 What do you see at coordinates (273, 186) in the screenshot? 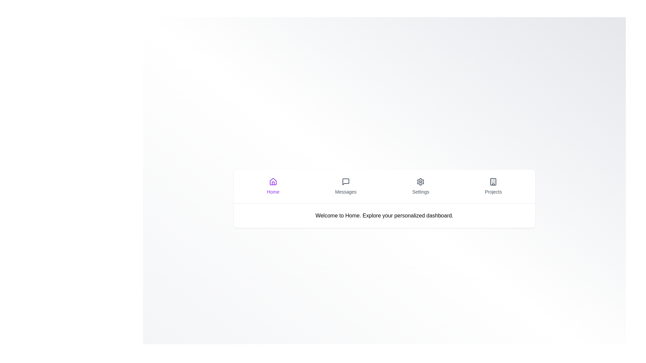
I see `the tab labeled Home to observe its hover effect` at bounding box center [273, 186].